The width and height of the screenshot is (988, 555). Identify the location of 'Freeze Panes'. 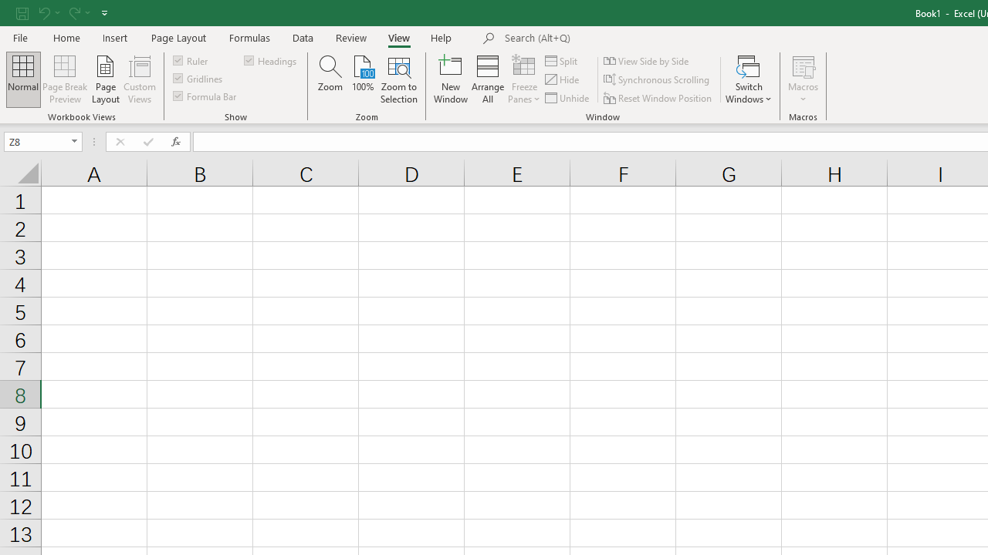
(524, 79).